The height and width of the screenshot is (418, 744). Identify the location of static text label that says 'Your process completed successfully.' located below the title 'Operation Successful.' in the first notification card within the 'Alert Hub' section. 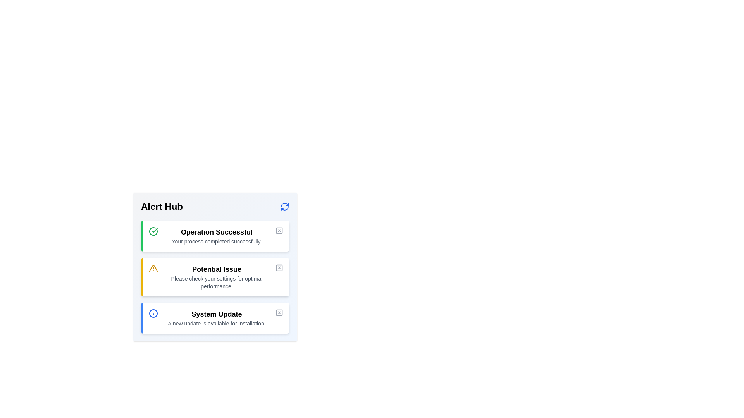
(217, 241).